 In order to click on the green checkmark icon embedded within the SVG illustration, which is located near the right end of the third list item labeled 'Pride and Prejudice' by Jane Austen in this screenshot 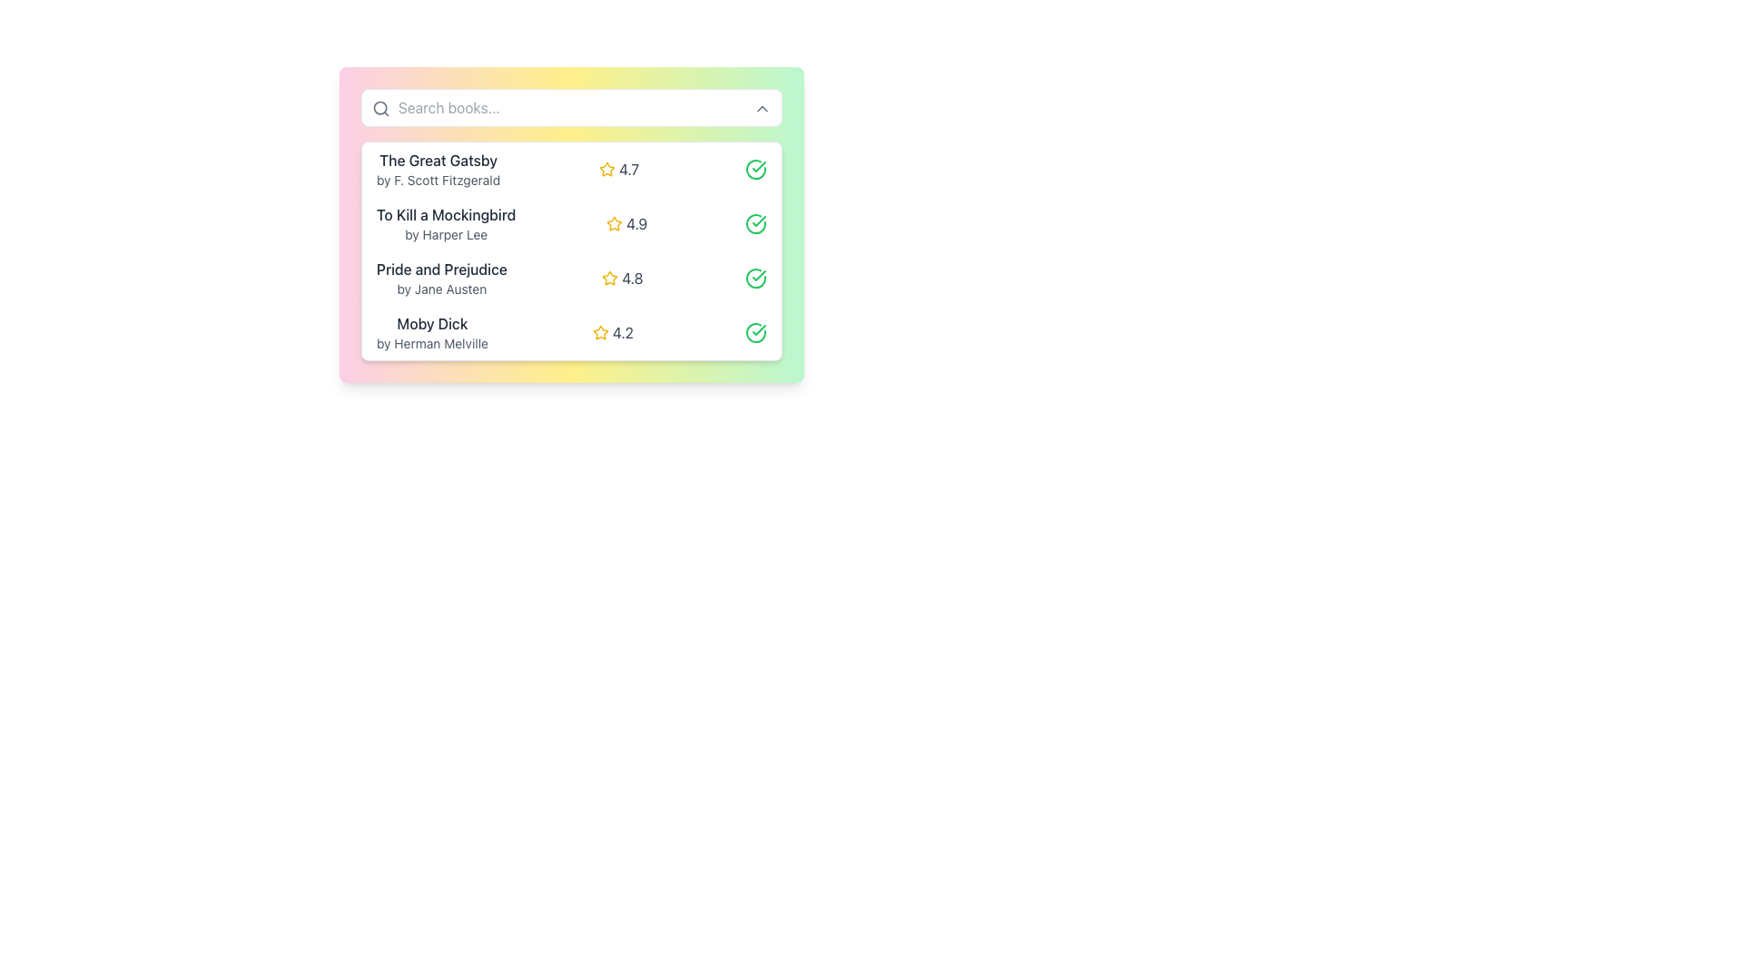, I will do `click(759, 276)`.